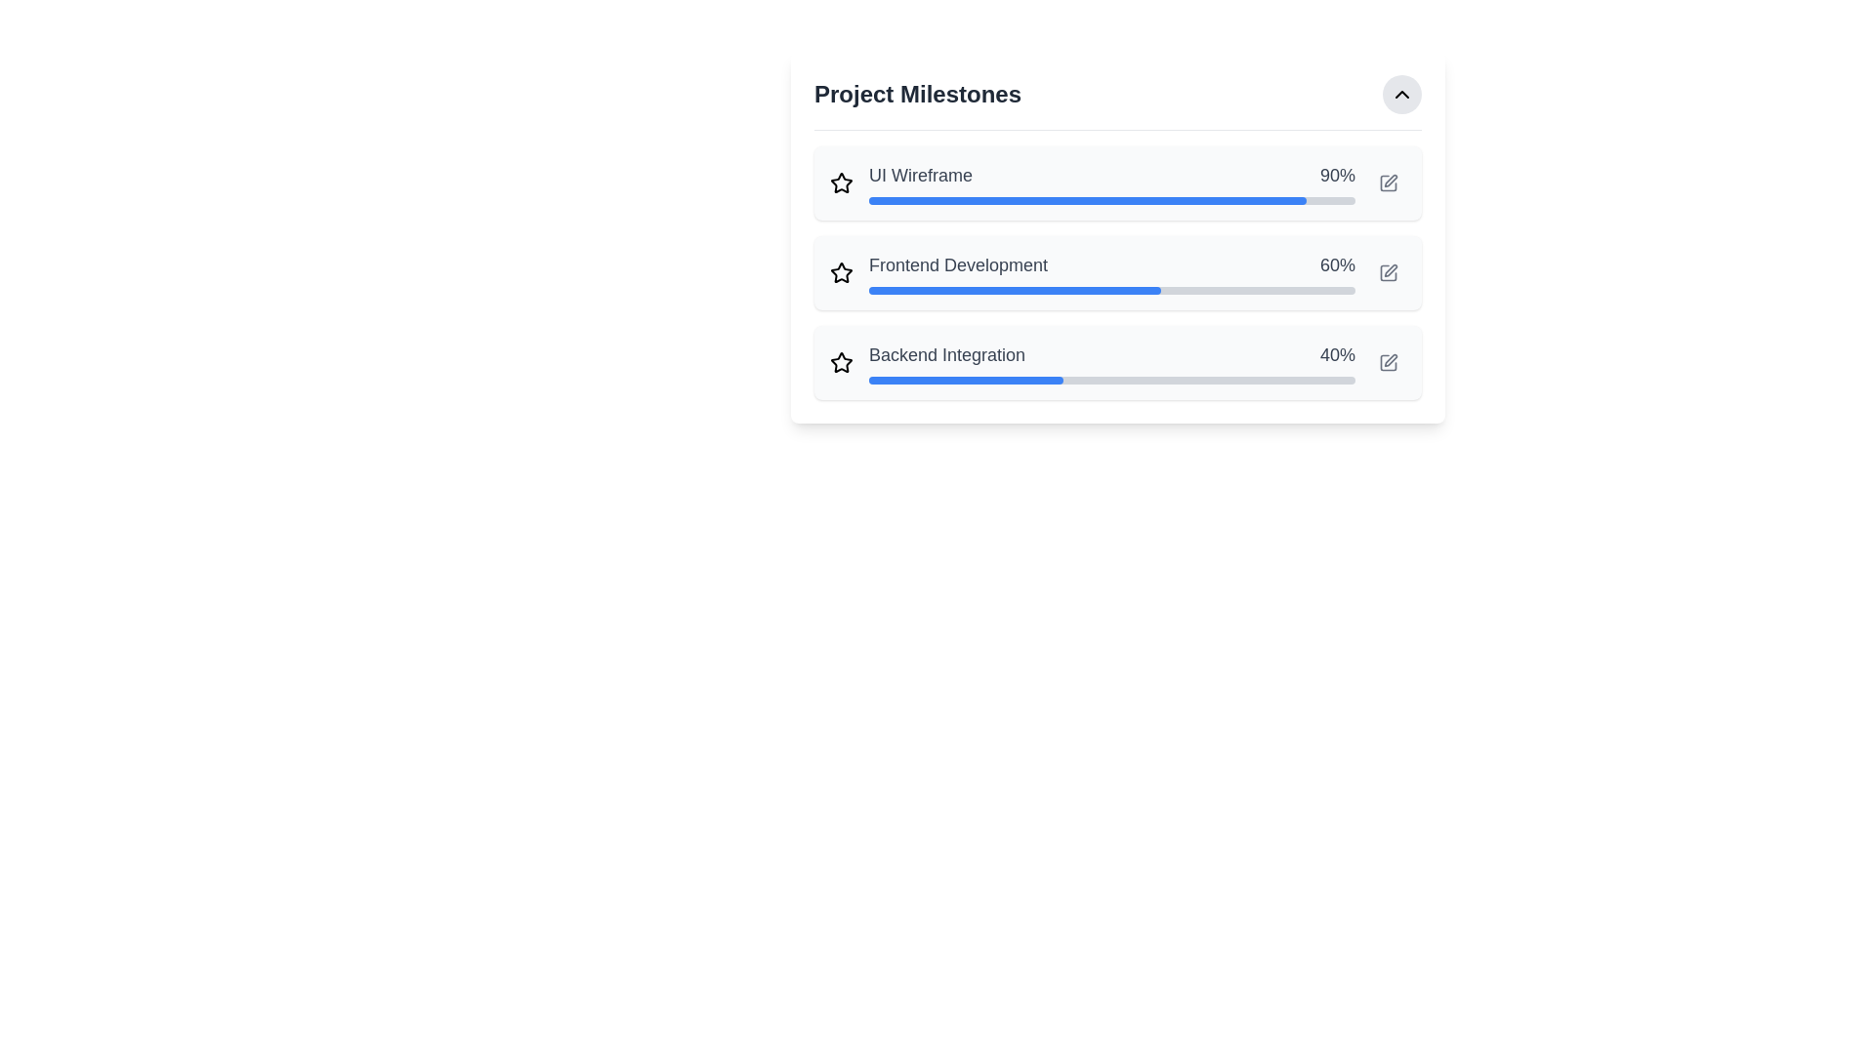  What do you see at coordinates (1087, 200) in the screenshot?
I see `the Progress Bar that visually represents the completion progress of the 'UI Wireframe' milestone, located directly below the 'UI Wireframe' text and adjacent to the '90%' label` at bounding box center [1087, 200].